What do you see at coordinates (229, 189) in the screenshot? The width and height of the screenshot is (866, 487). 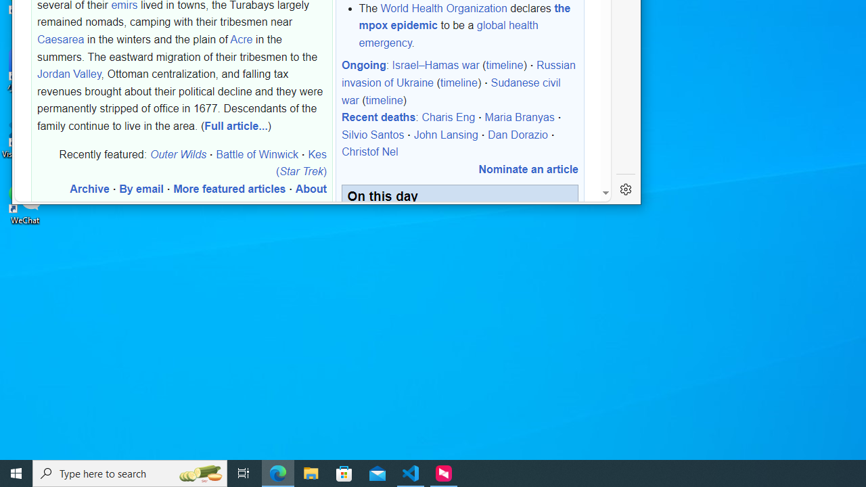 I see `'More featured articles'` at bounding box center [229, 189].